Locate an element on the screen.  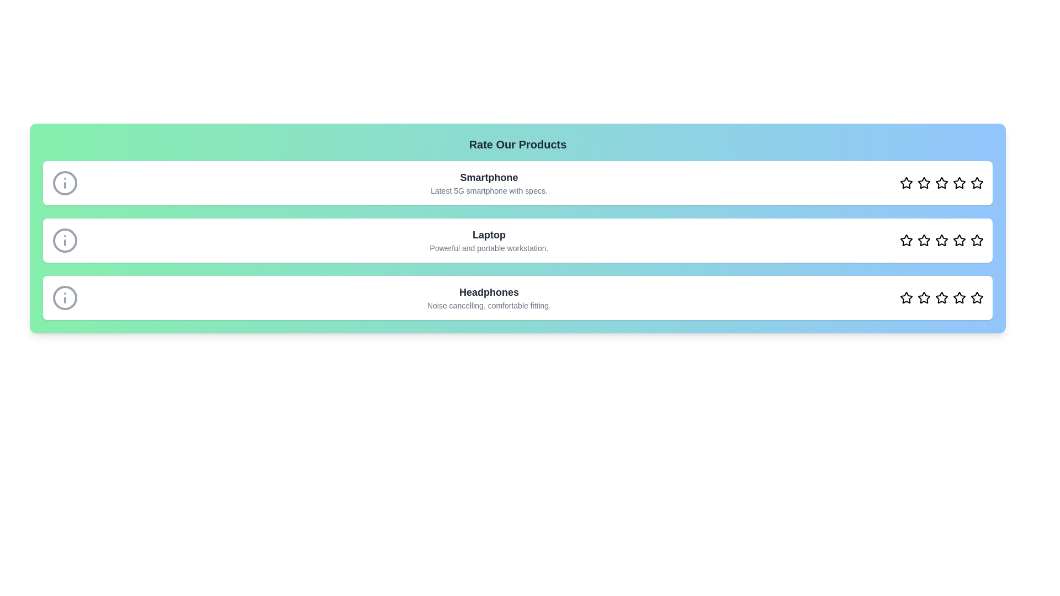
the fourth yellow star in the rating system for the 'Headphones' product is located at coordinates (958, 297).